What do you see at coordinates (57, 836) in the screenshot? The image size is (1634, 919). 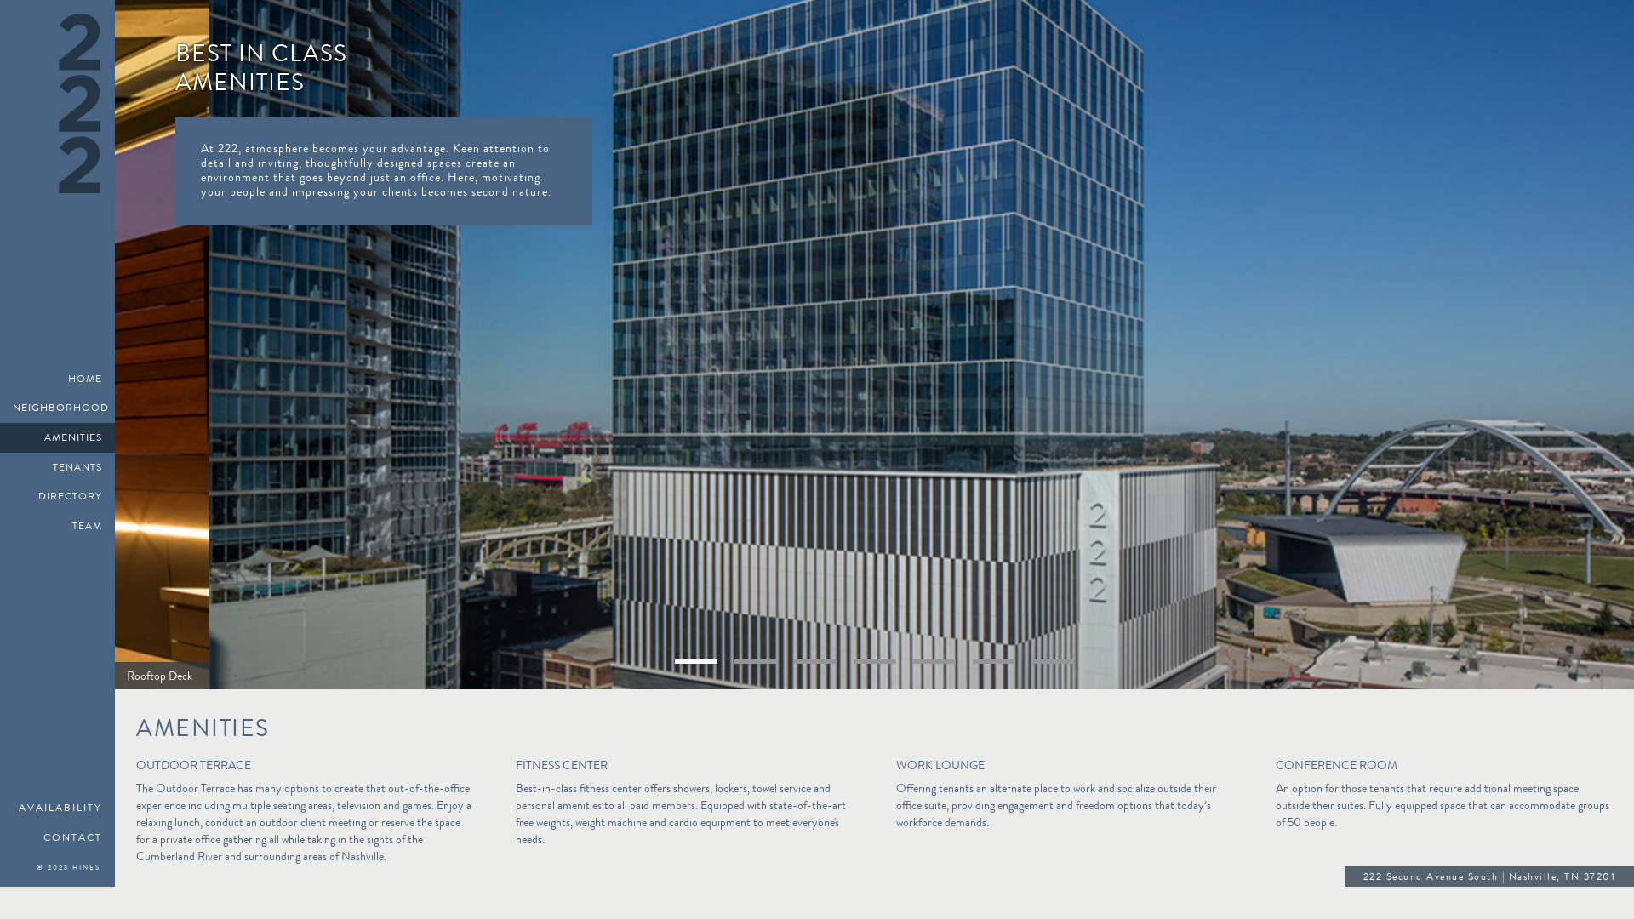 I see `'CONTACT'` at bounding box center [57, 836].